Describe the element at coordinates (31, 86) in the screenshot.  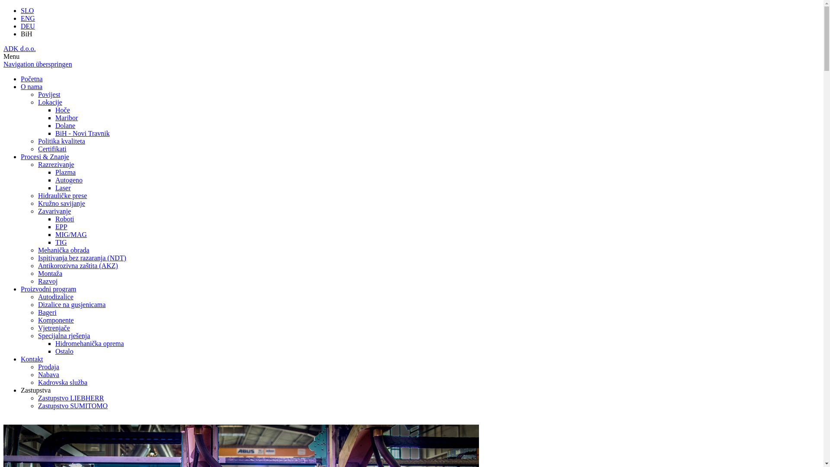
I see `'O nama'` at that location.